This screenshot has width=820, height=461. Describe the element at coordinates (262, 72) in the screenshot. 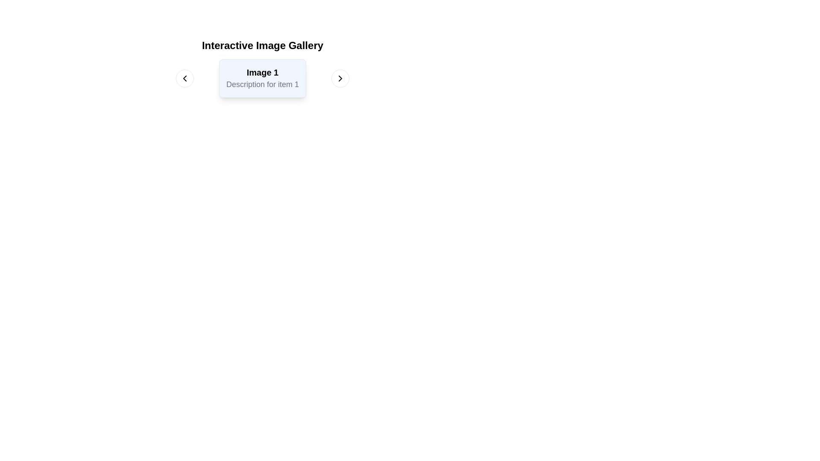

I see `the Text label displaying the title or label for 'Image 1', located at the top of the rounded blue-highlighted card` at that location.